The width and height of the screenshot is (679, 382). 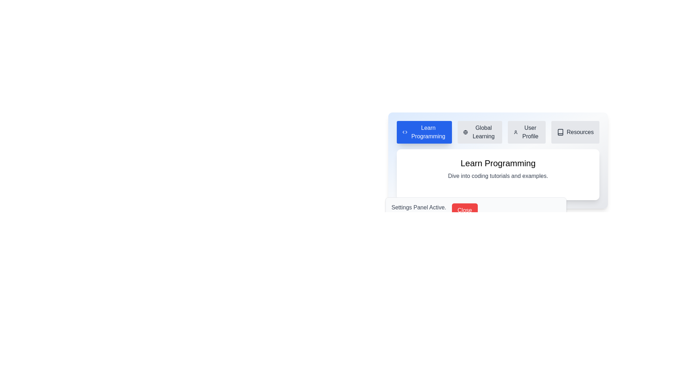 I want to click on the tab labeled User Profile, so click(x=526, y=132).